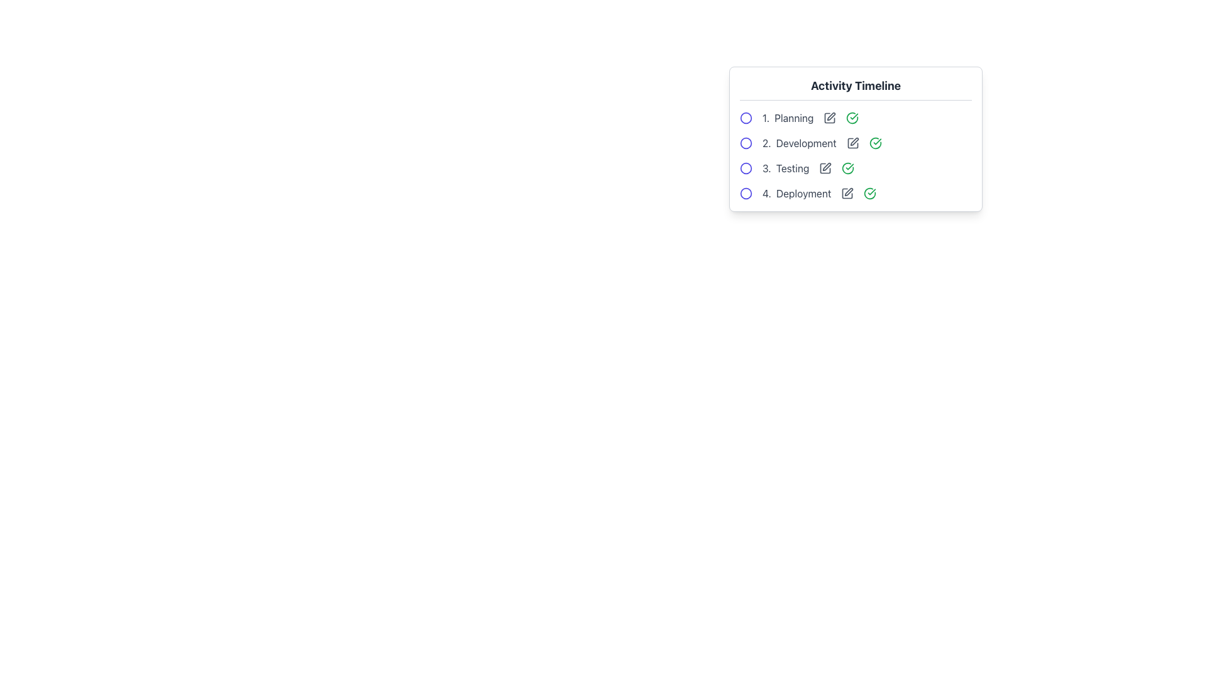 The width and height of the screenshot is (1207, 679). I want to click on text element that contains 'Testing', which is the third item in the list of activity steps, so click(791, 167).